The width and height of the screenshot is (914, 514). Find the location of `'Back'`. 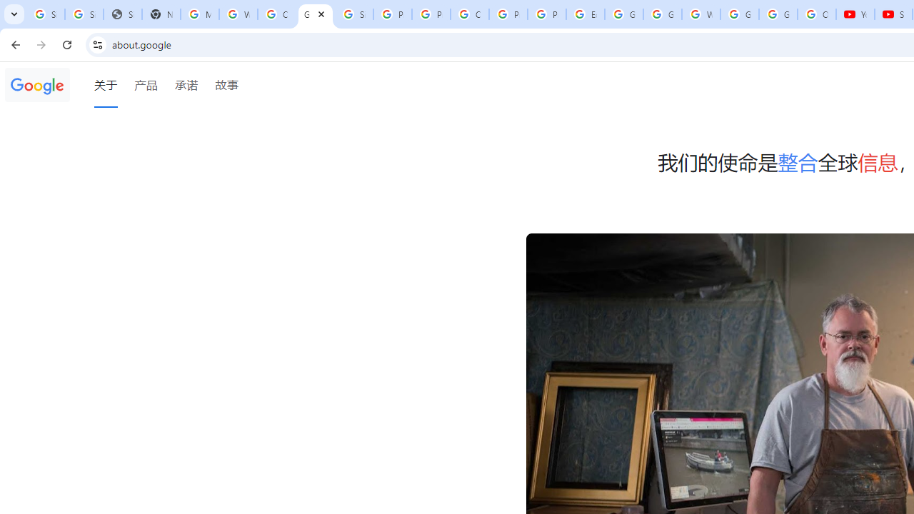

'Back' is located at coordinates (14, 44).